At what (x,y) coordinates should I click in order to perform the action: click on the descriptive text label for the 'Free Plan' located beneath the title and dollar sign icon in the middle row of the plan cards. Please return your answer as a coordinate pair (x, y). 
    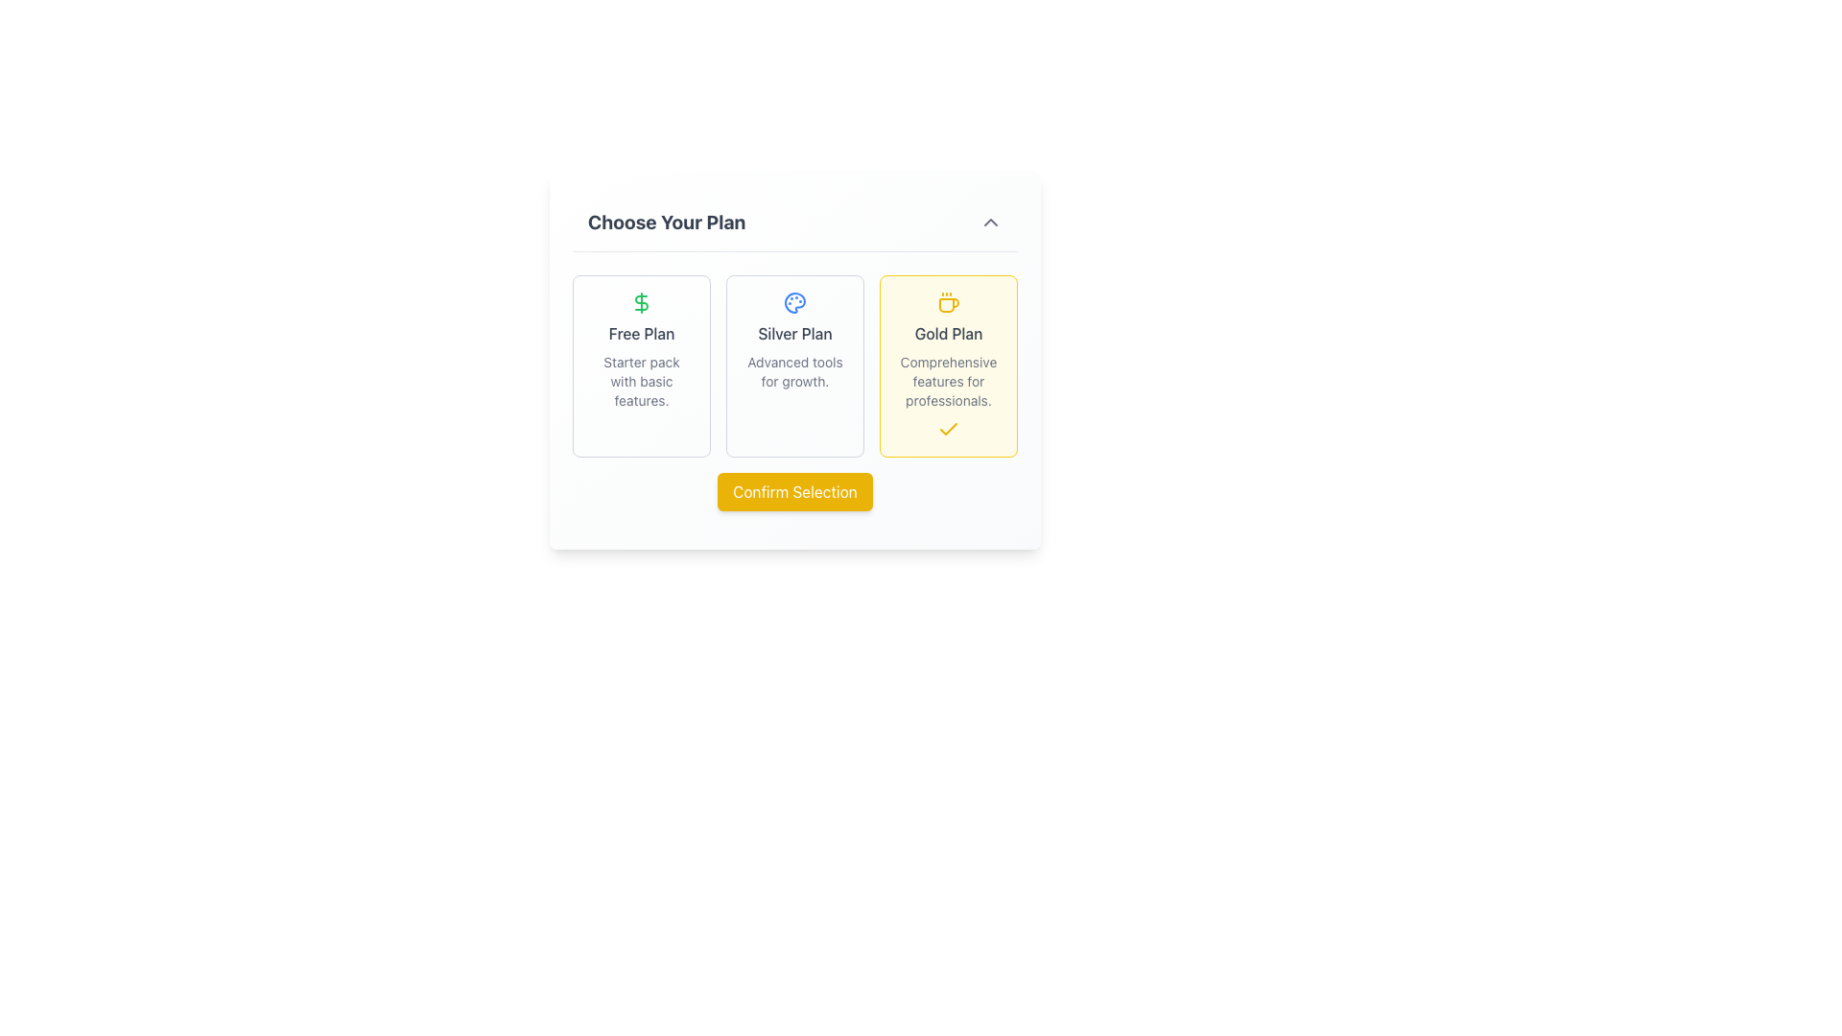
    Looking at the image, I should click on (641, 381).